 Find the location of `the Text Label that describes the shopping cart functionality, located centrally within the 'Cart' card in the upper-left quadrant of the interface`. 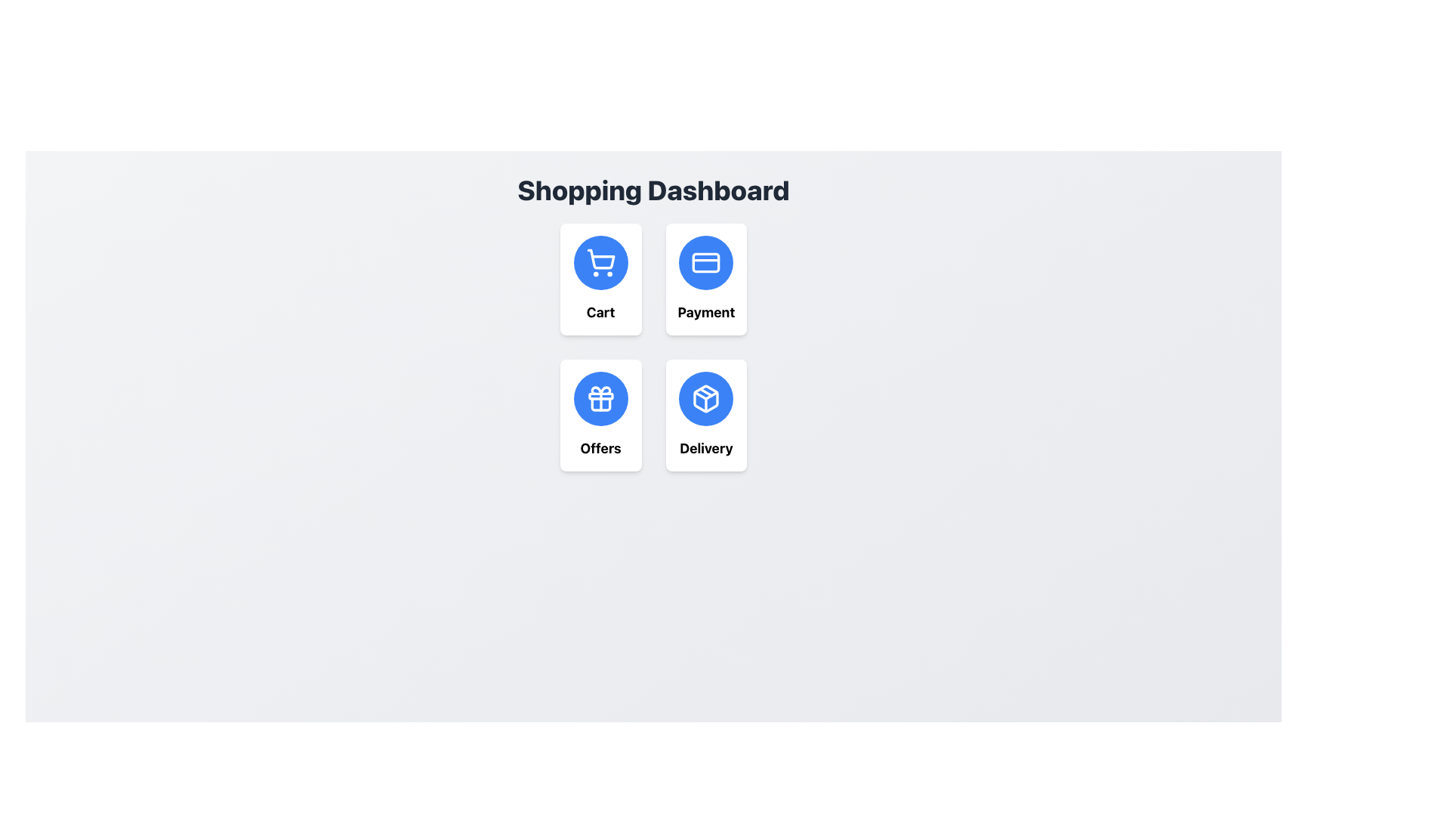

the Text Label that describes the shopping cart functionality, located centrally within the 'Cart' card in the upper-left quadrant of the interface is located at coordinates (600, 311).